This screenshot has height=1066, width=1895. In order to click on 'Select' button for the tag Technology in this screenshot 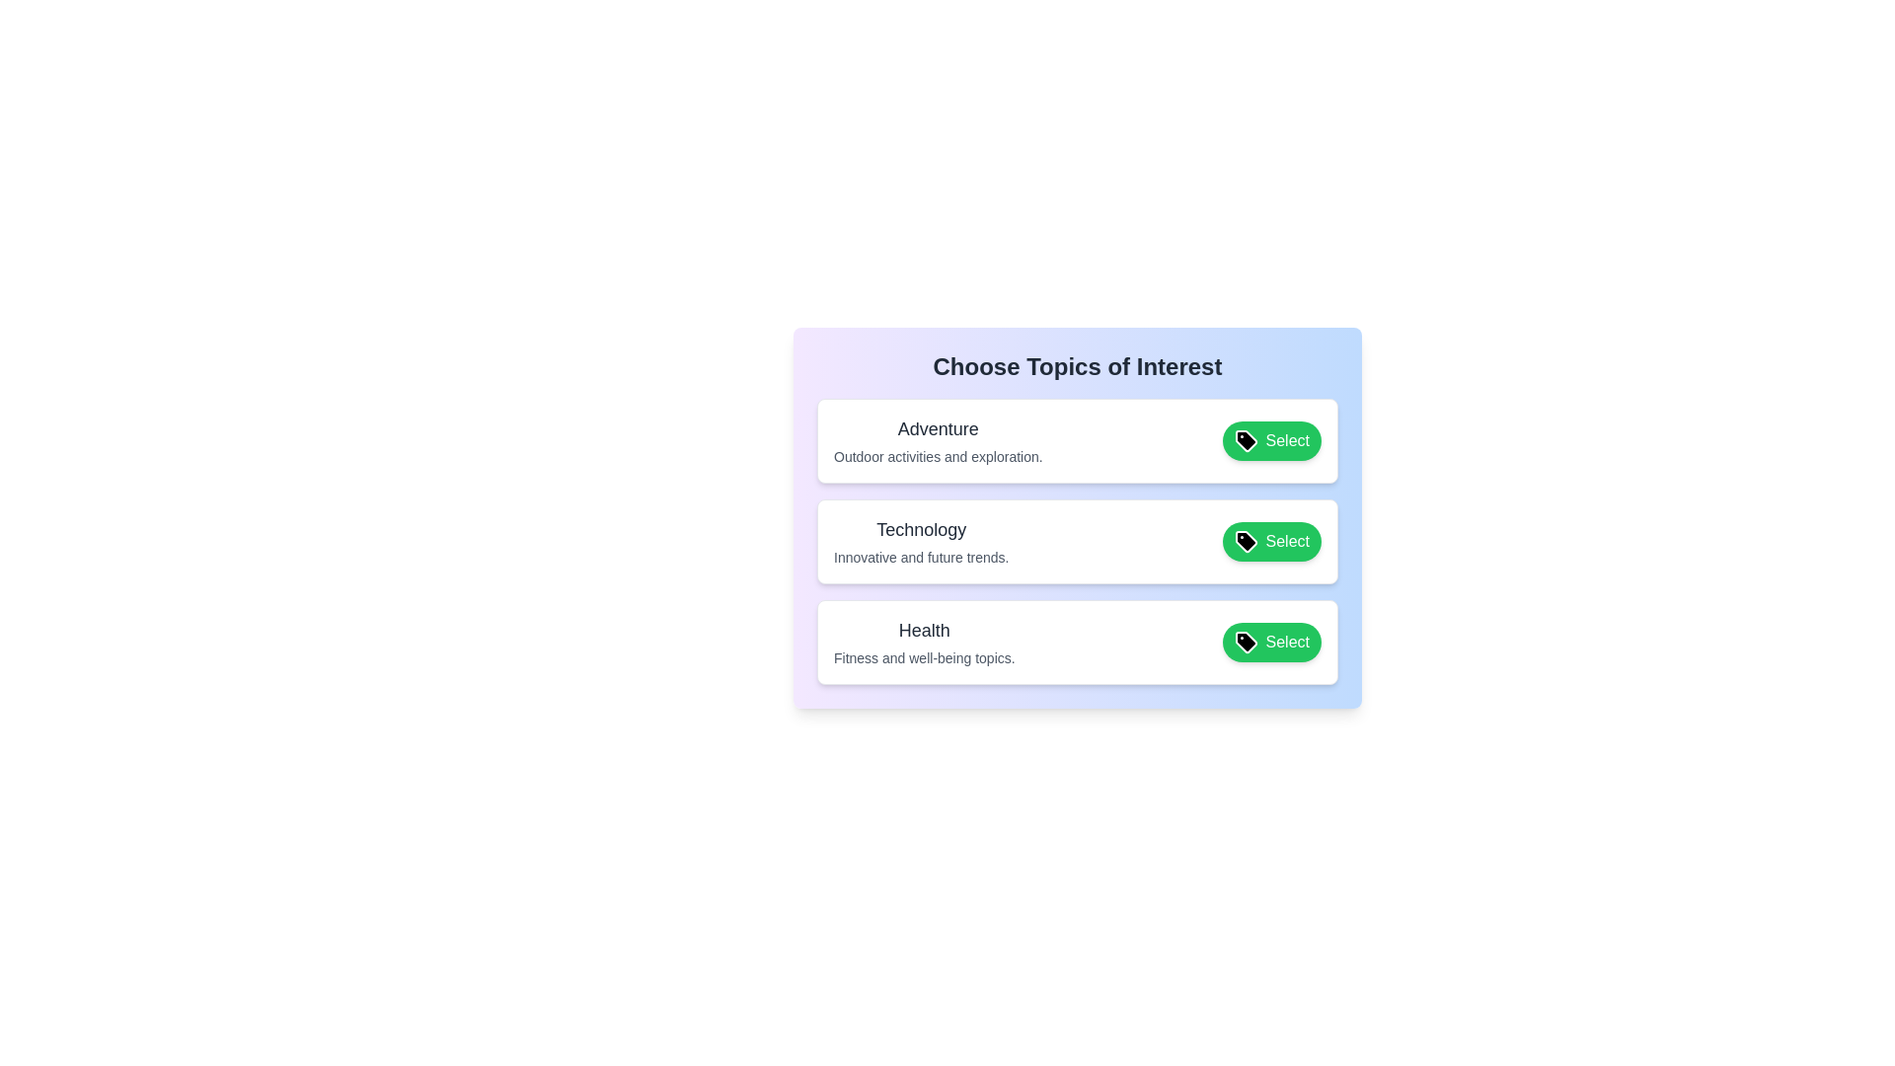, I will do `click(1271, 541)`.